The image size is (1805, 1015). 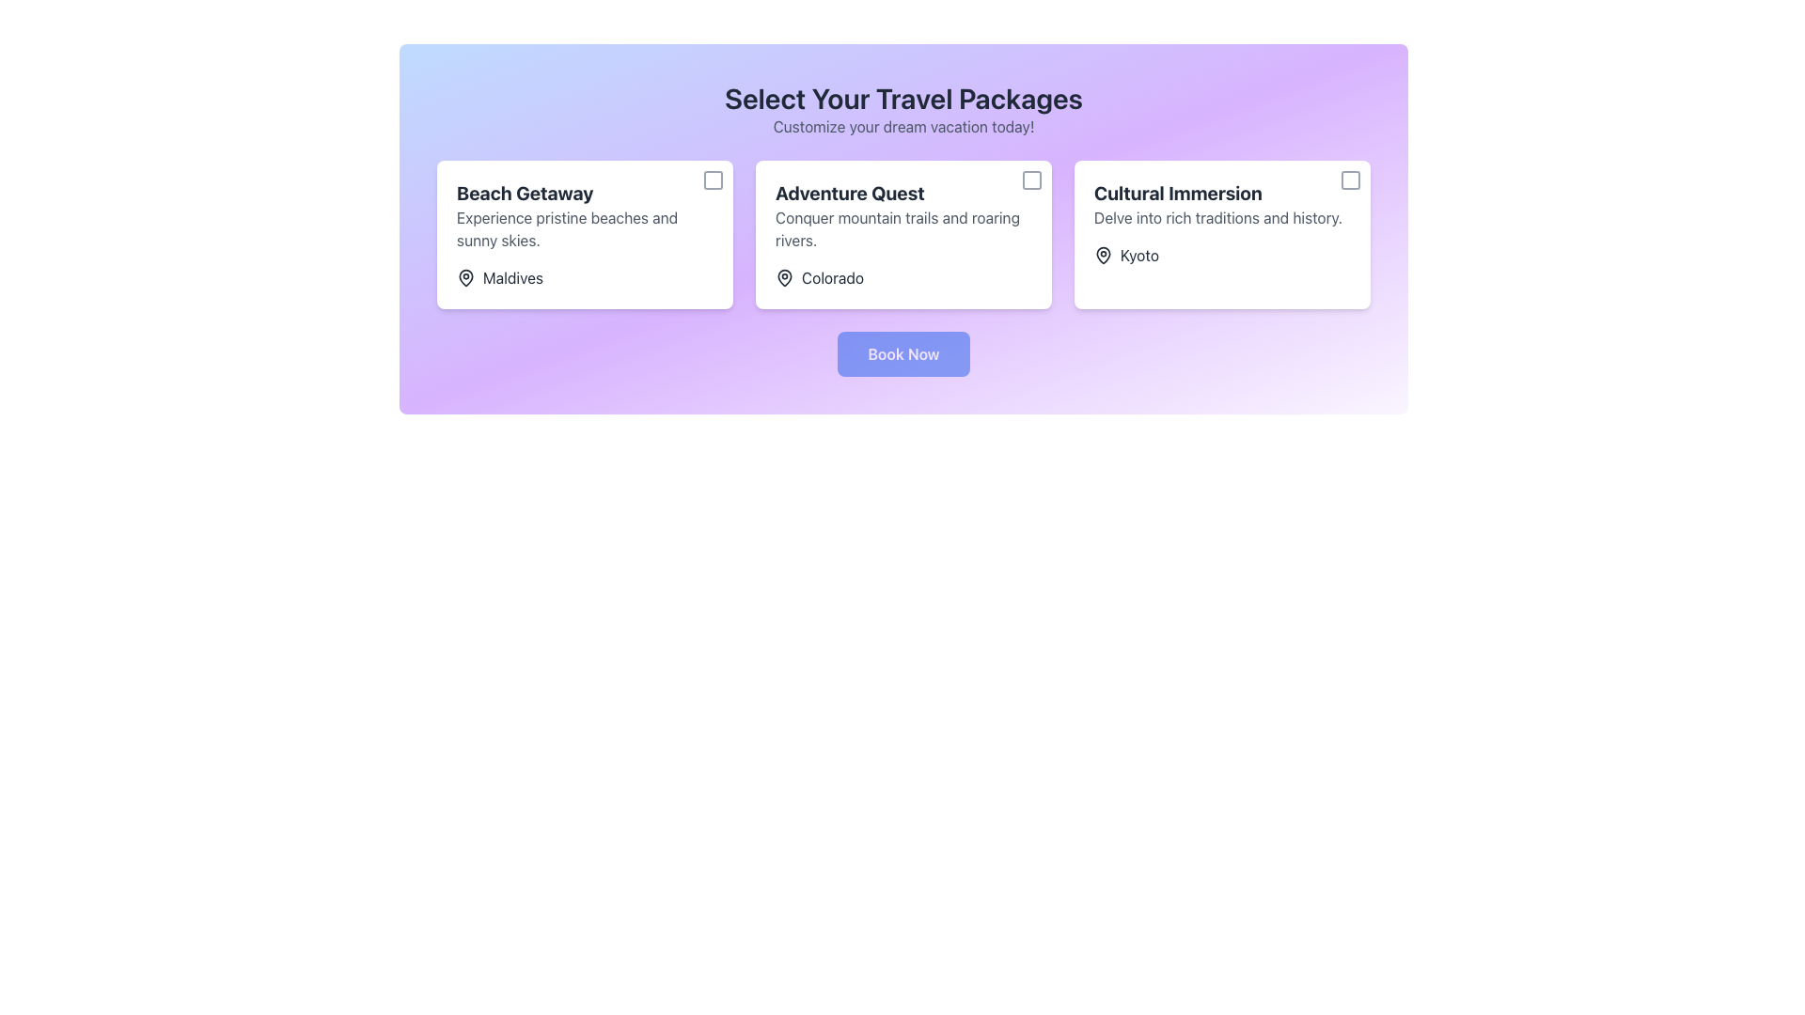 What do you see at coordinates (584, 227) in the screenshot?
I see `the descriptive text 'Experience pristine beaches and sunny skies' located beneath the title 'Beach Getaway' in the left card of a three-card layout` at bounding box center [584, 227].